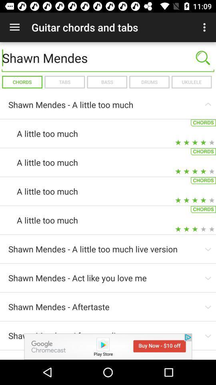 The image size is (216, 385). What do you see at coordinates (107, 82) in the screenshot?
I see `bass` at bounding box center [107, 82].